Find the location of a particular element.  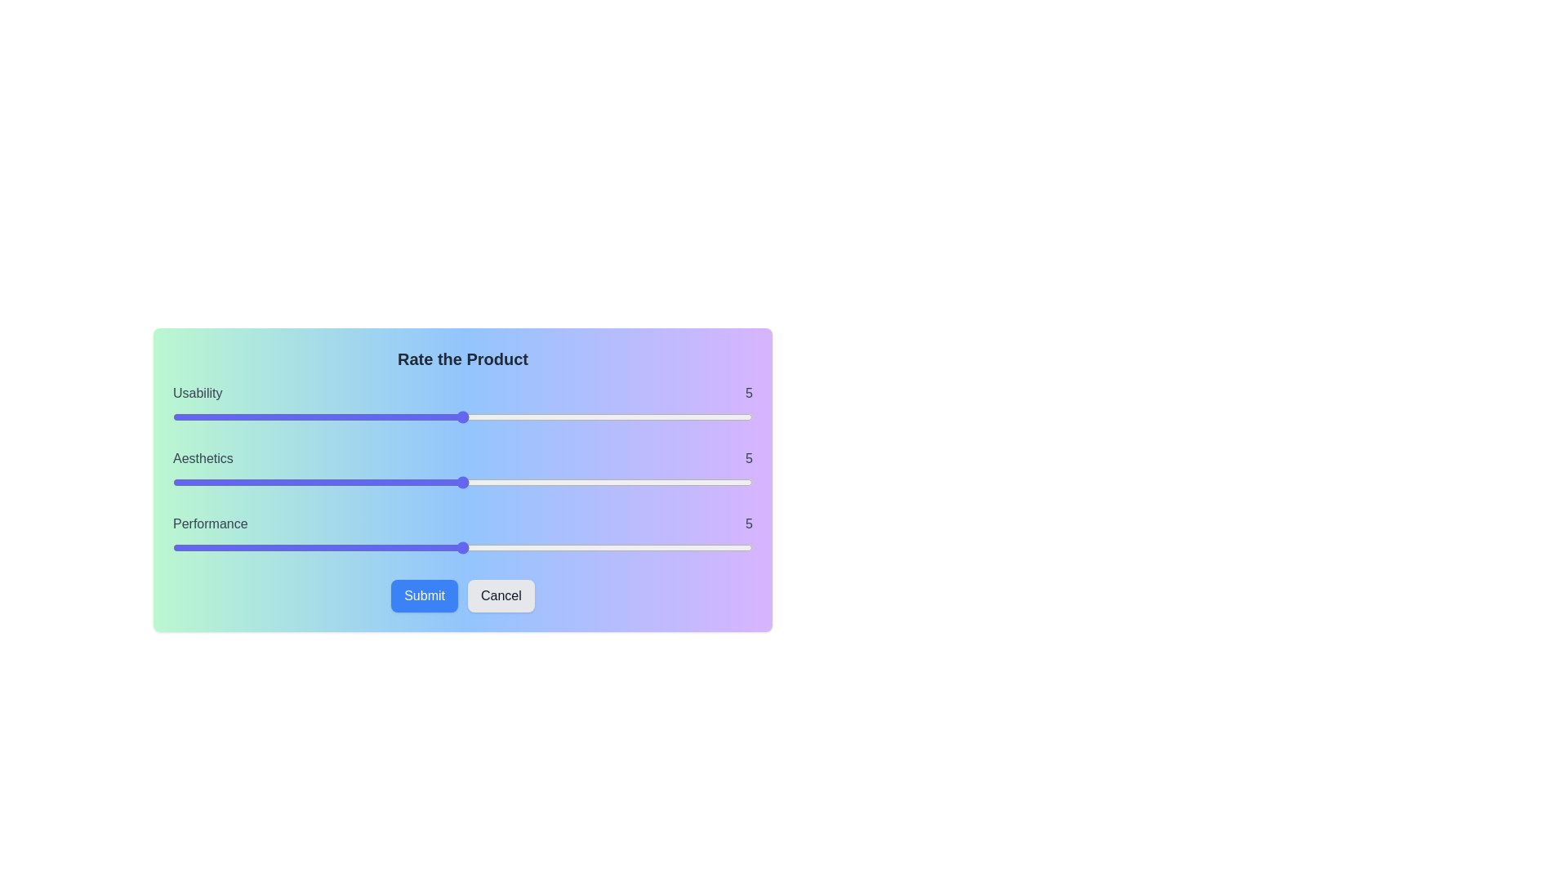

the slider to set the usability rating to 4 is located at coordinates (404, 416).